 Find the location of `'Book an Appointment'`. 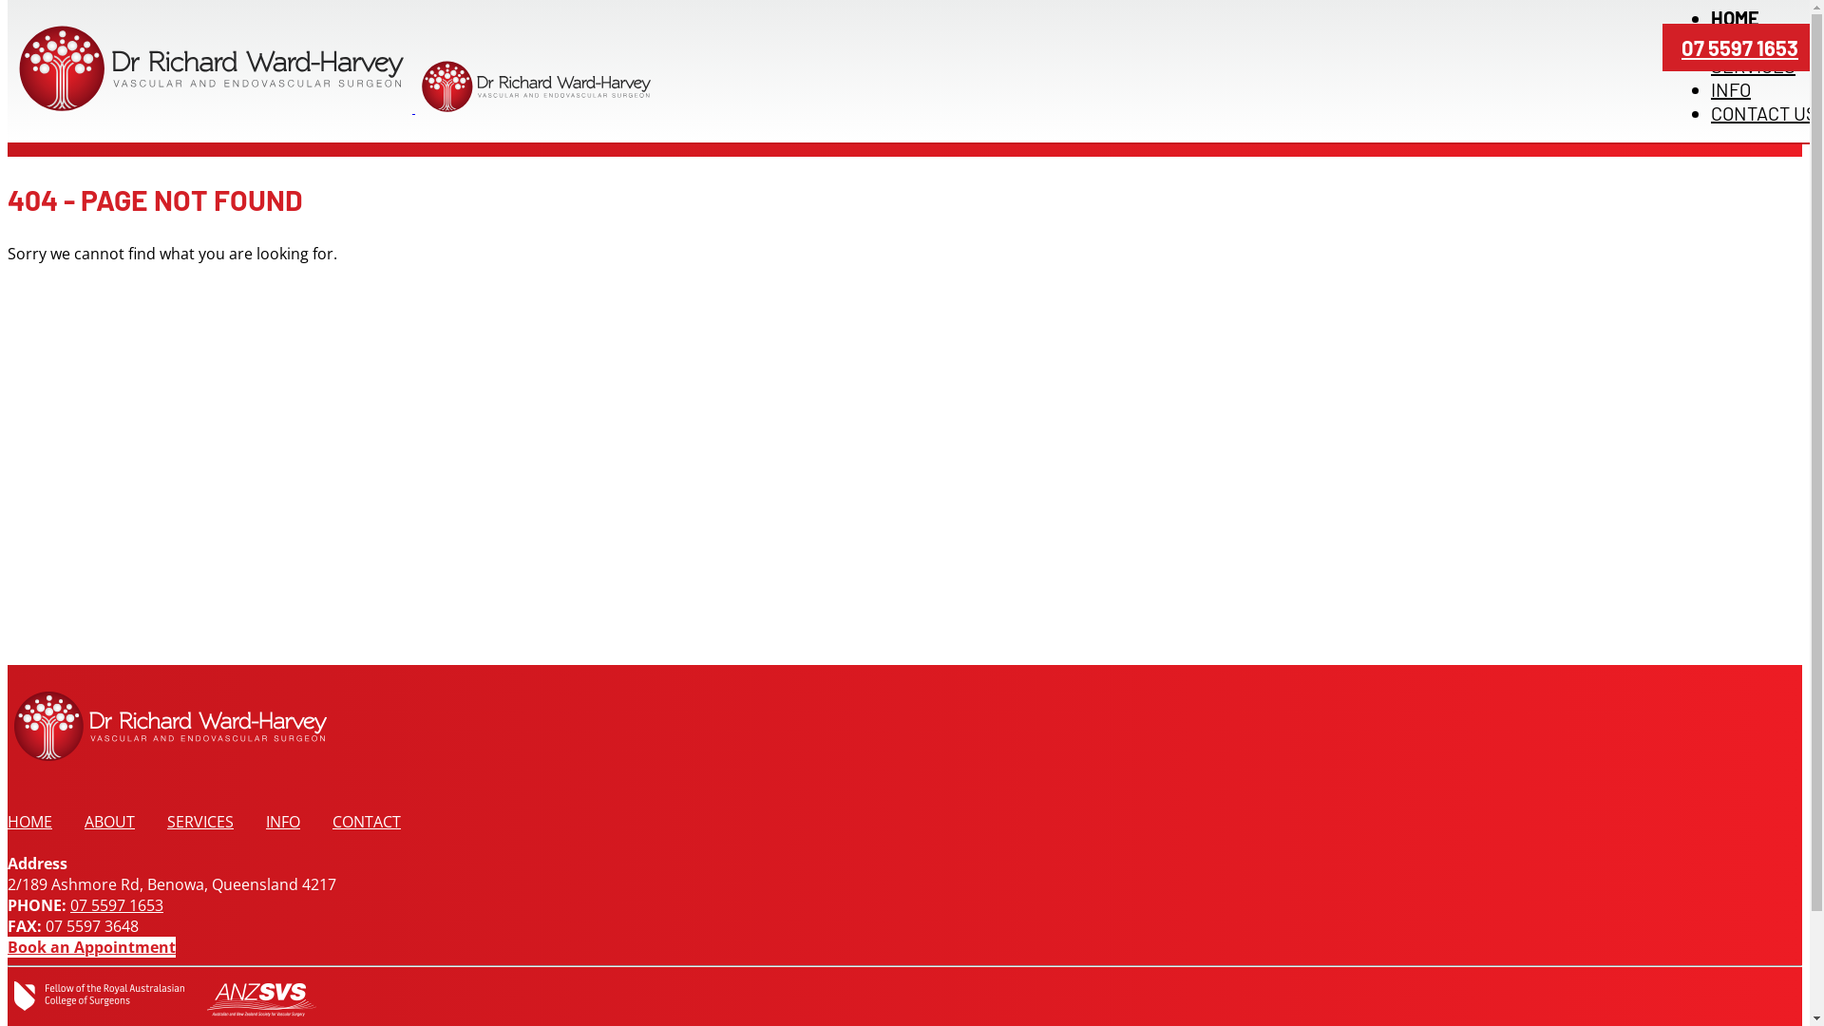

'Book an Appointment' is located at coordinates (90, 946).